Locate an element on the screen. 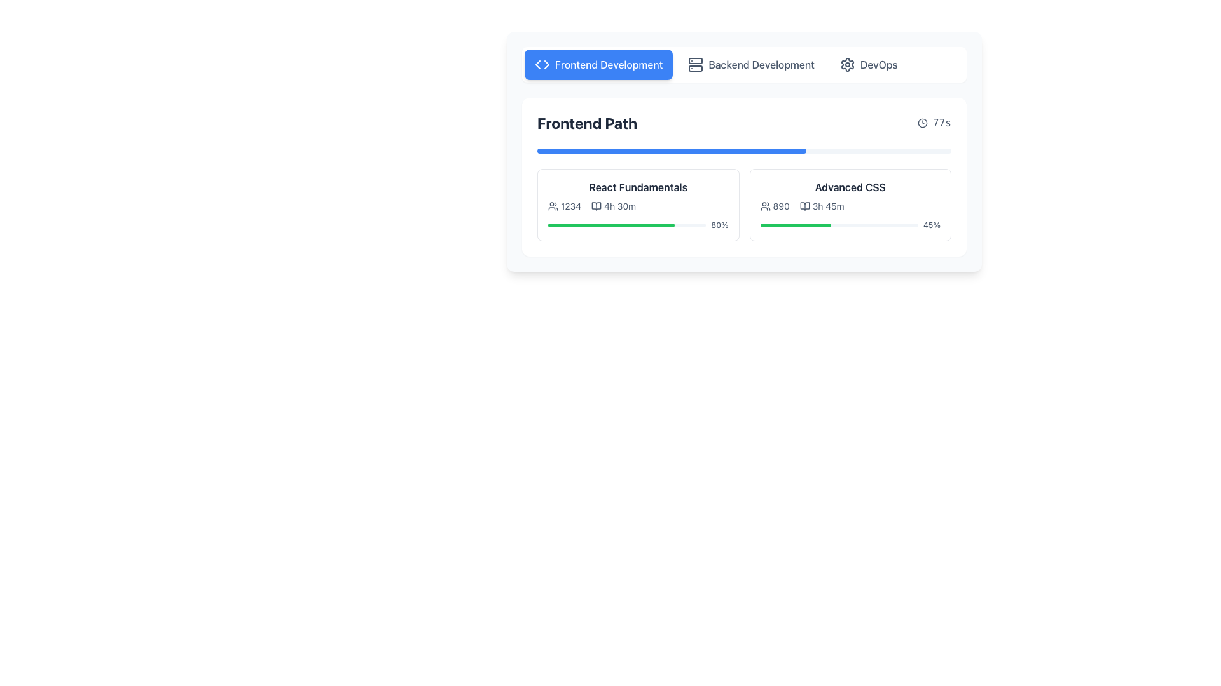 Image resolution: width=1221 pixels, height=686 pixels. the text label displaying '3h 45m', which is located to the right of an open book icon in the 'Advanced CSS' course card is located at coordinates (828, 205).